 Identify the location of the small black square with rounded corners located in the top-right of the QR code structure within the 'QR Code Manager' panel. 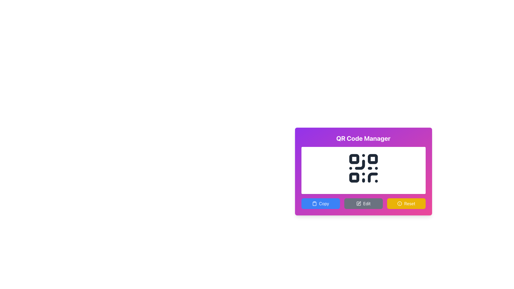
(372, 159).